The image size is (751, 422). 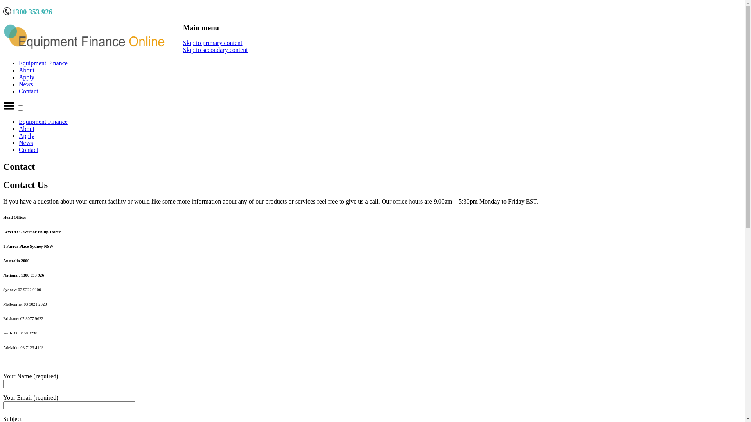 I want to click on 'About', so click(x=19, y=70).